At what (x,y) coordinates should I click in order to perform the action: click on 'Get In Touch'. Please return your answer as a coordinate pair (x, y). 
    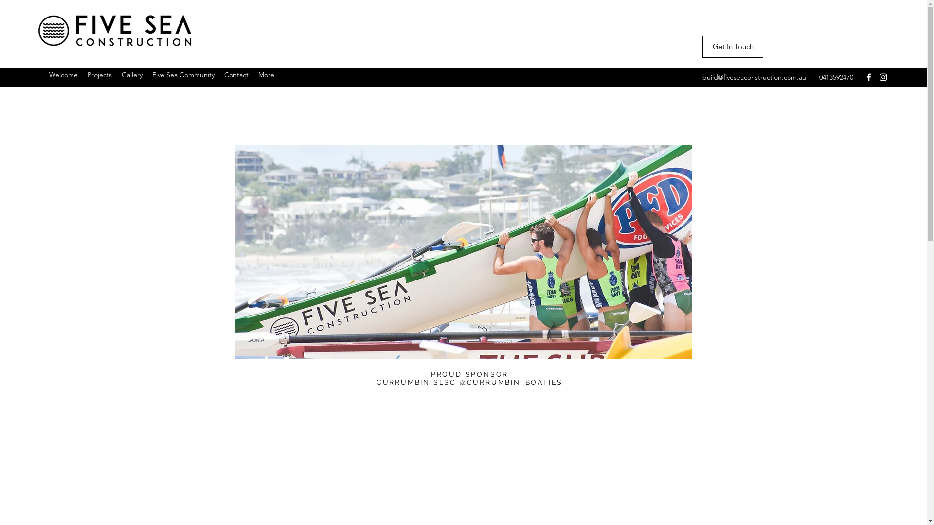
    Looking at the image, I should click on (733, 47).